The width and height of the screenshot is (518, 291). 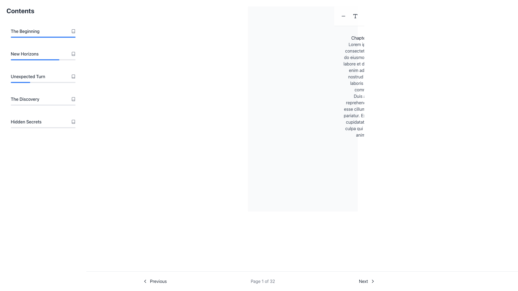 I want to click on the list item titled 'Unexpected Turn' with a book icon, so click(x=43, y=78).